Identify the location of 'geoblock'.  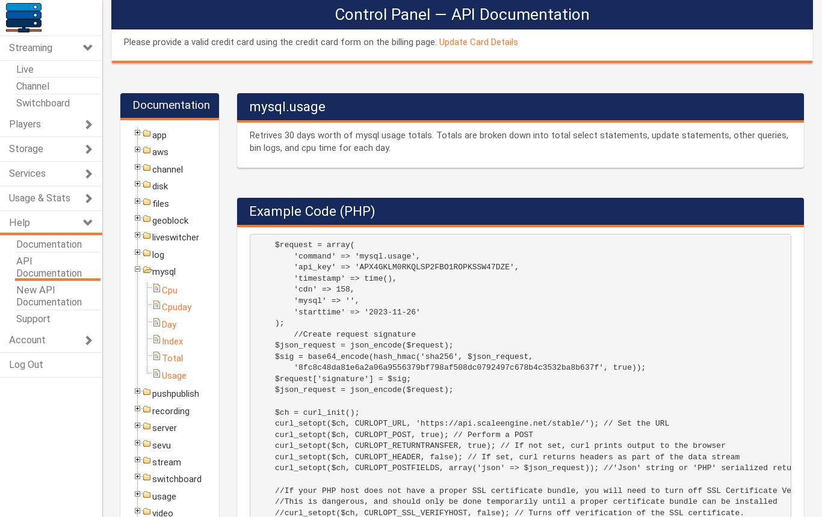
(170, 220).